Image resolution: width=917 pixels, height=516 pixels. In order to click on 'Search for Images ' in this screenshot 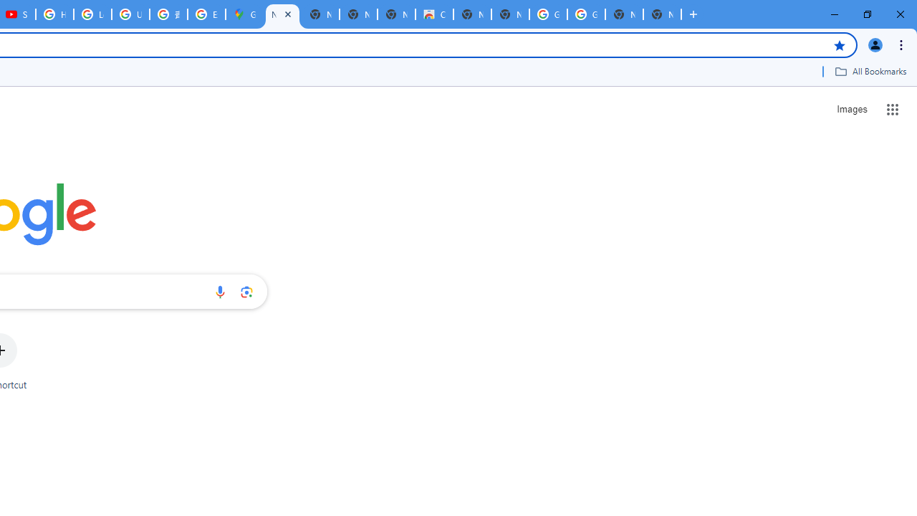, I will do `click(852, 109)`.